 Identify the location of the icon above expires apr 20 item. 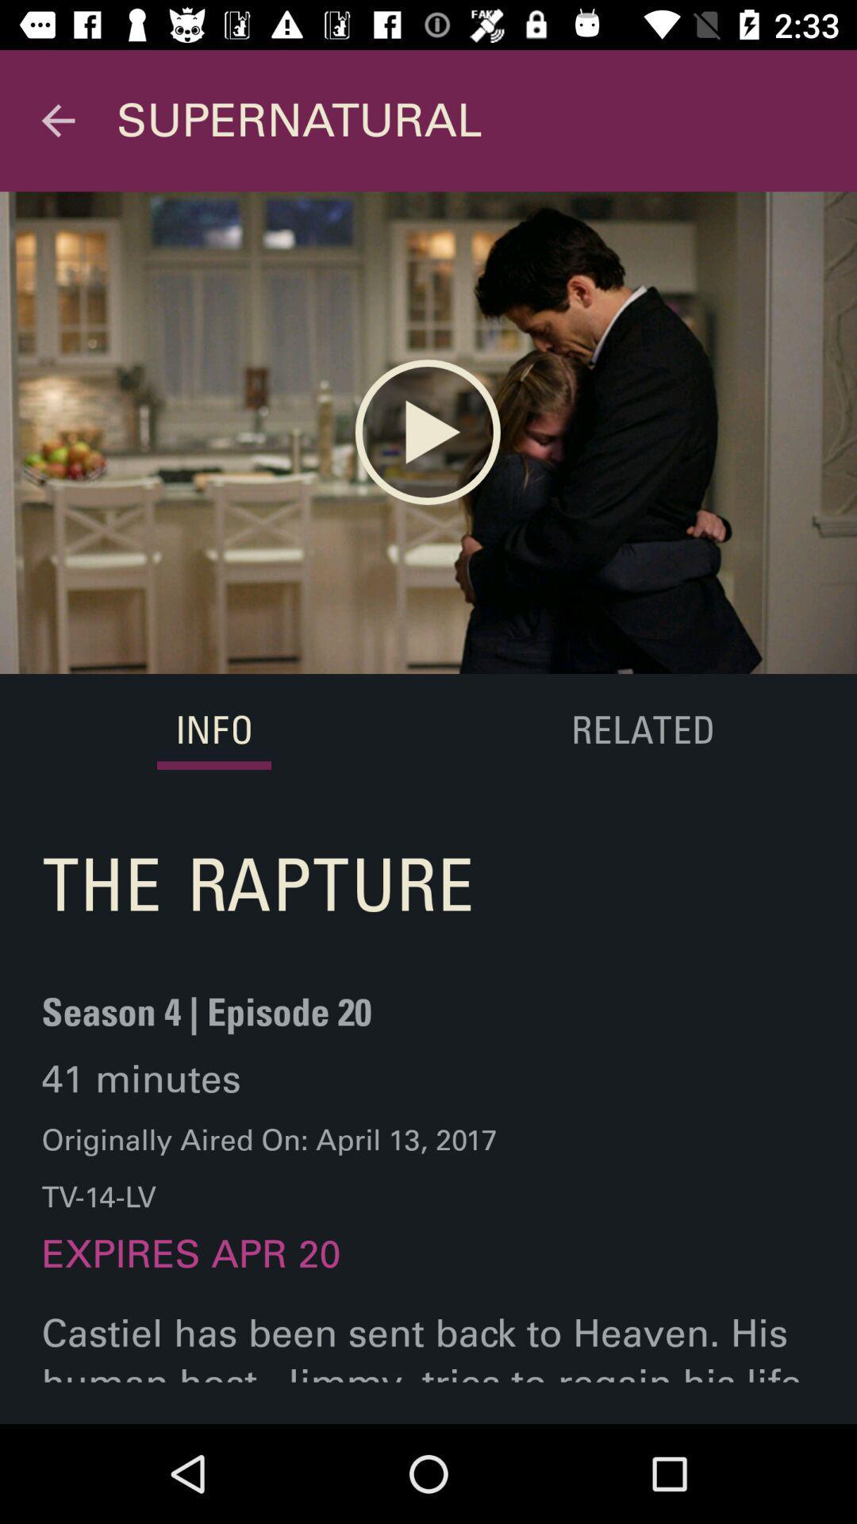
(268, 1168).